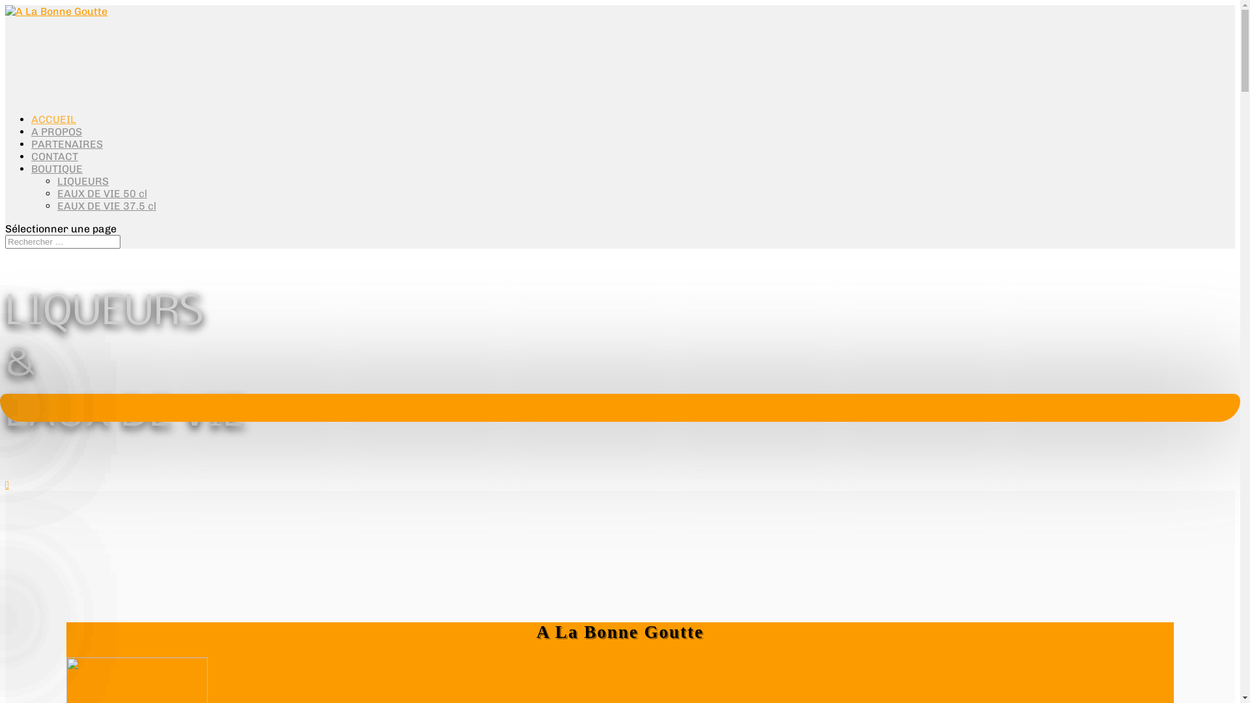 The image size is (1250, 703). I want to click on 'Rechercher:', so click(62, 241).